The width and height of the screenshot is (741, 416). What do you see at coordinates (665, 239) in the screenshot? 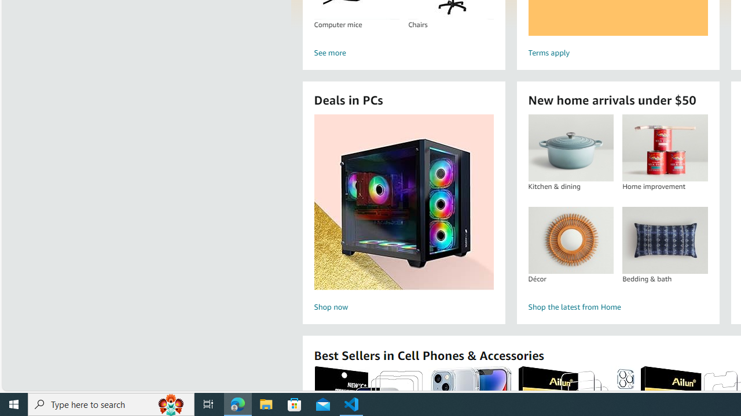
I see `'Bedding & bath'` at bounding box center [665, 239].